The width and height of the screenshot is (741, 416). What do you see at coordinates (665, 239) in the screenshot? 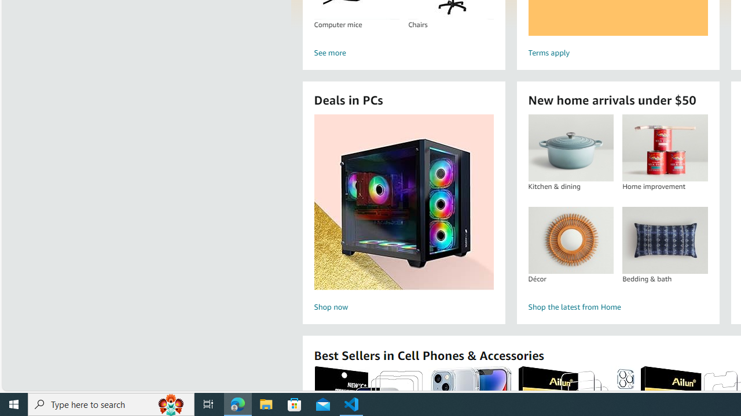
I see `'Bedding & bath'` at bounding box center [665, 239].